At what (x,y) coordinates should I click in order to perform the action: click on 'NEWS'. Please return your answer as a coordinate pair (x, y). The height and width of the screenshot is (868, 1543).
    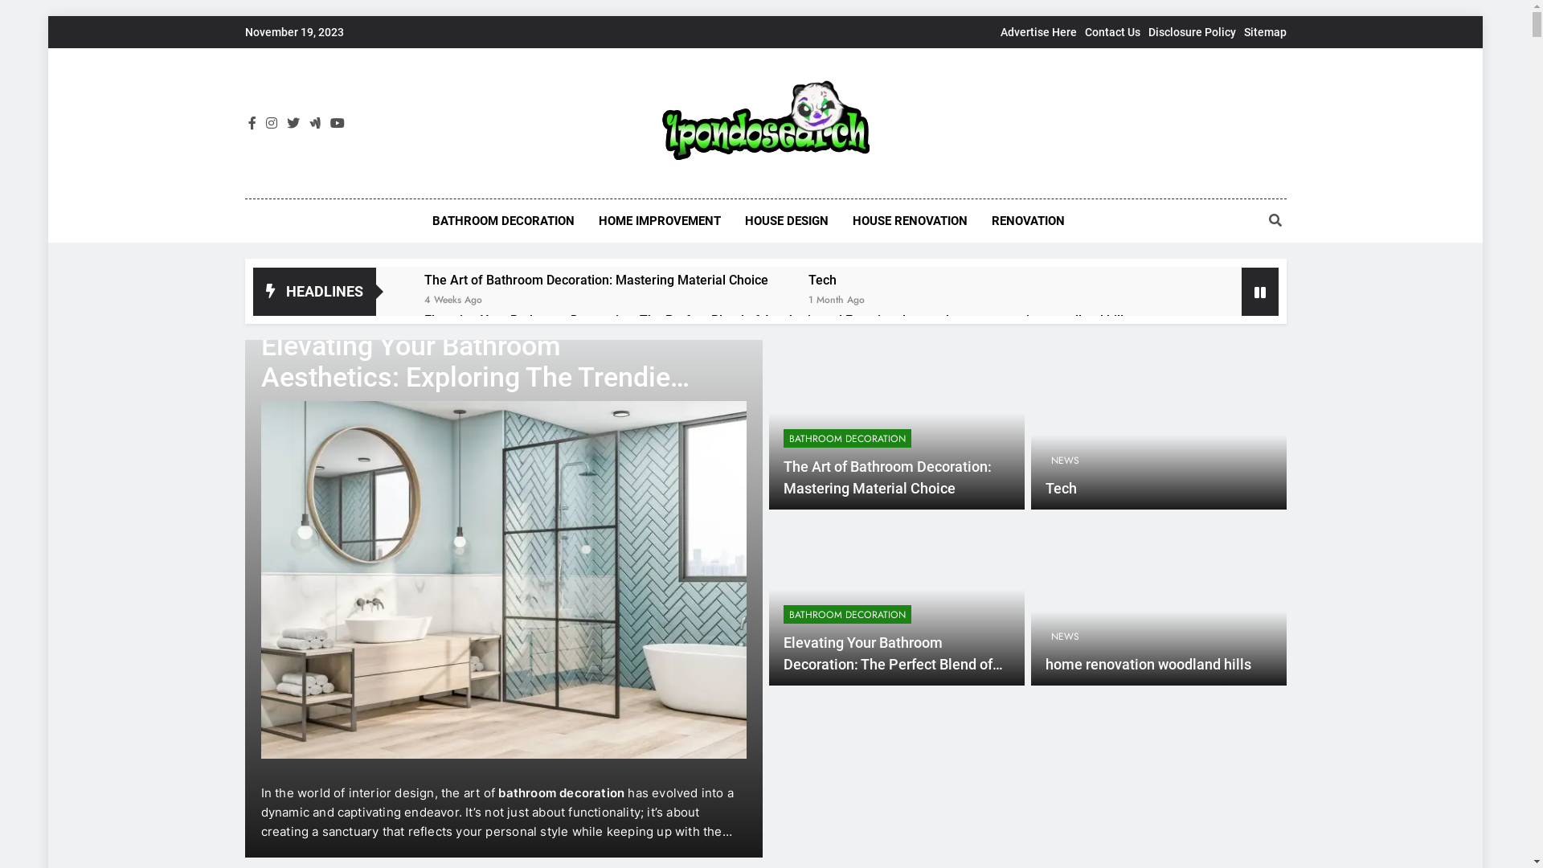
    Looking at the image, I should click on (1064, 635).